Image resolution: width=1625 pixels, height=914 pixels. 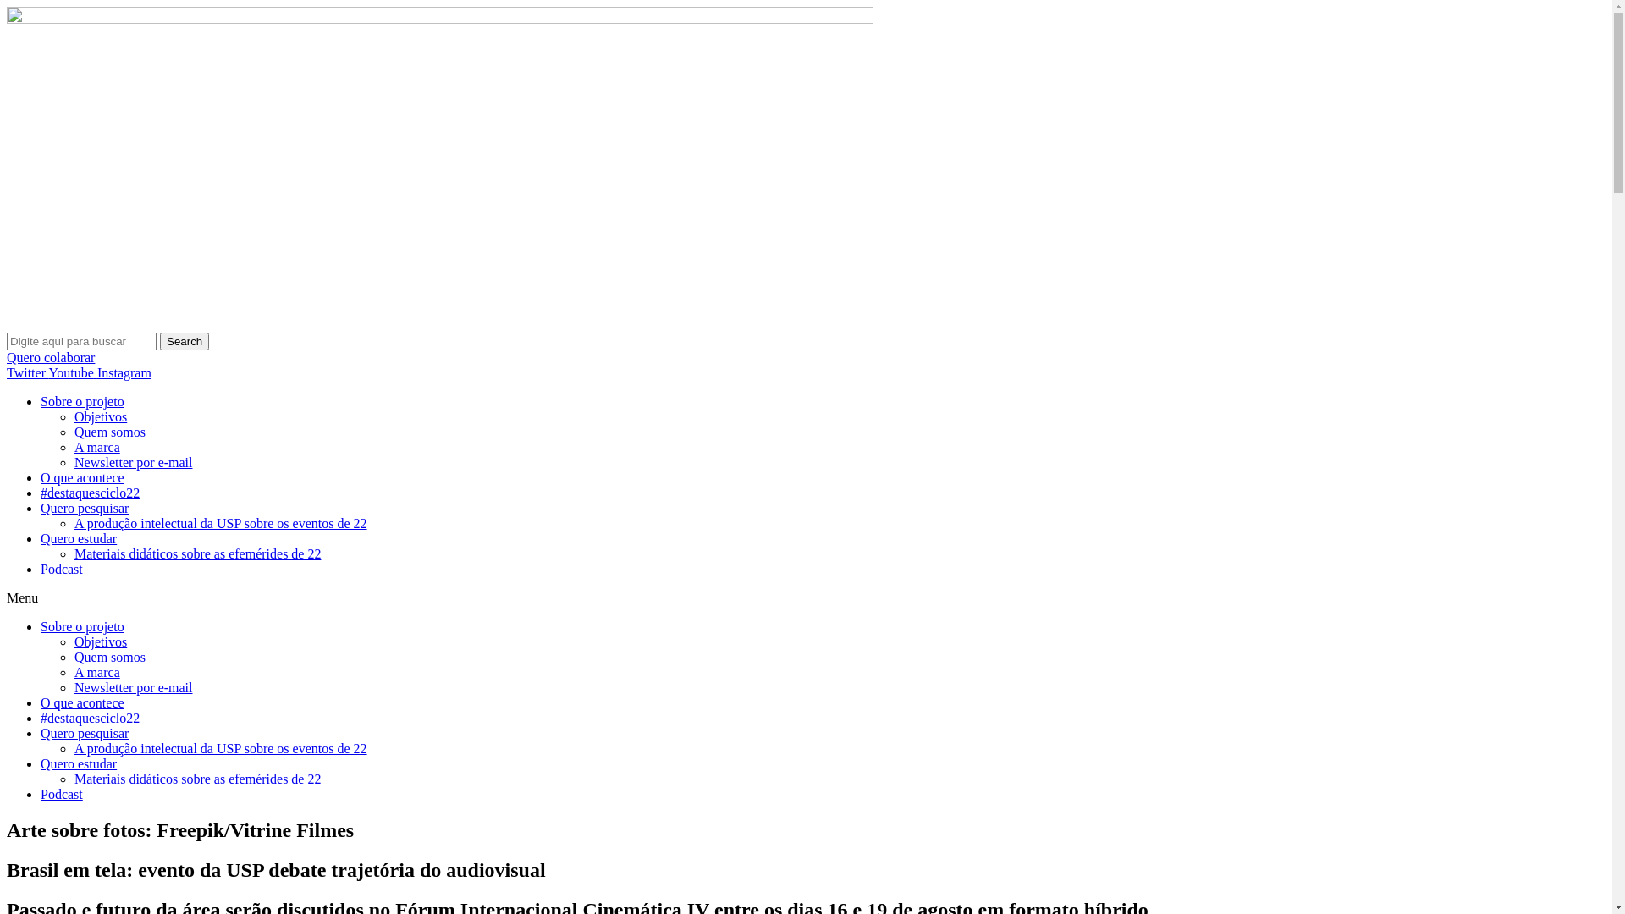 I want to click on 'Objetivos', so click(x=100, y=416).